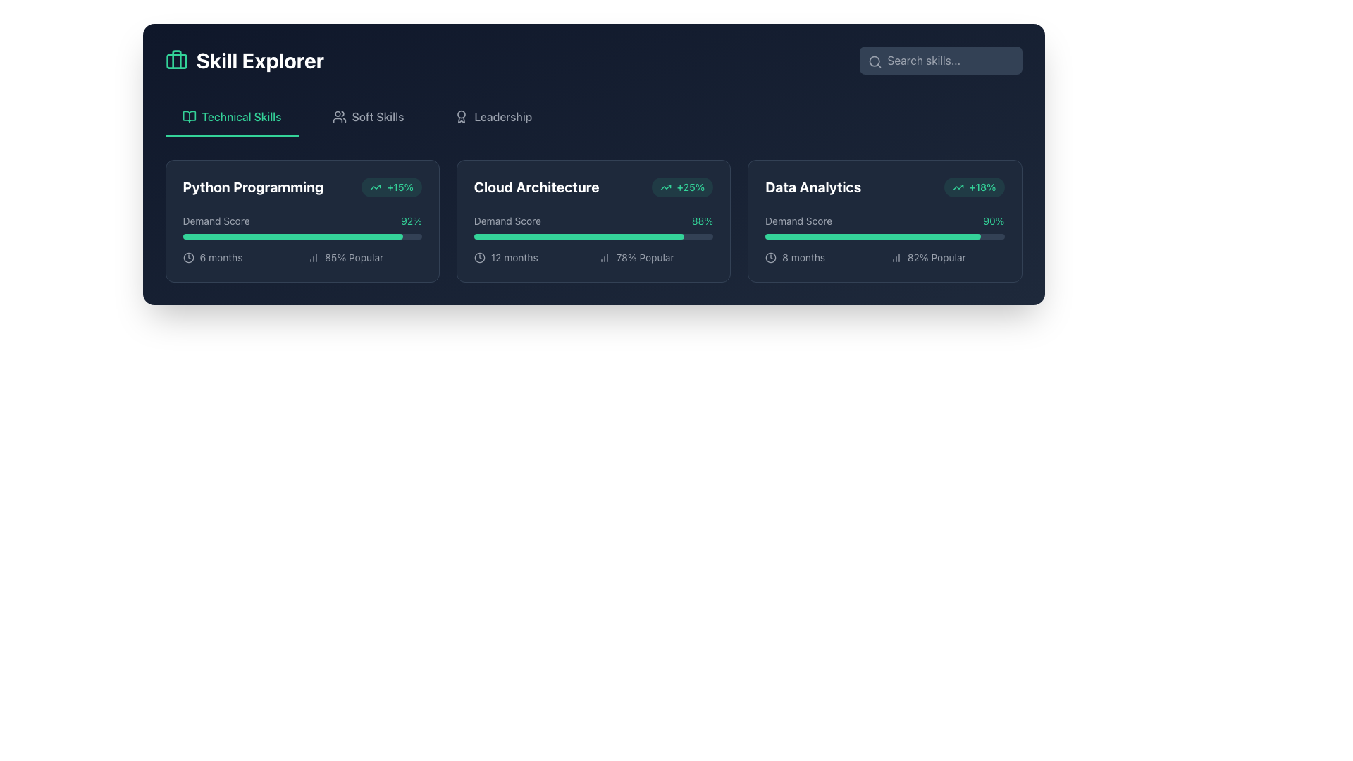 This screenshot has height=761, width=1353. Describe the element at coordinates (644, 258) in the screenshot. I see `the static informational text reading '78% Popular', which is located at the bottom right of the 'Cloud Architecture' card, next to the popularity analysis icon` at that location.